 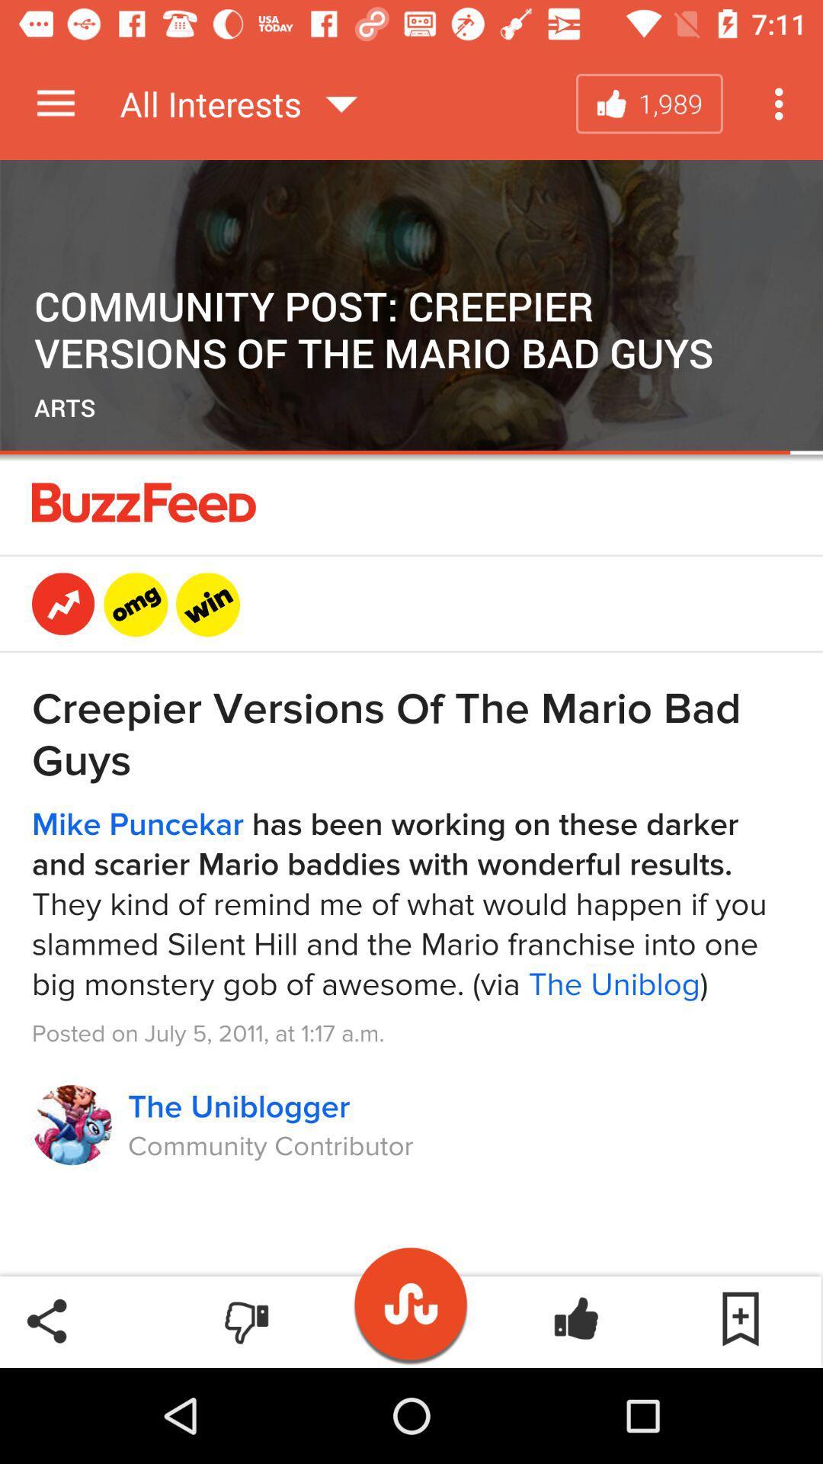 What do you see at coordinates (411, 1295) in the screenshot?
I see `home button` at bounding box center [411, 1295].